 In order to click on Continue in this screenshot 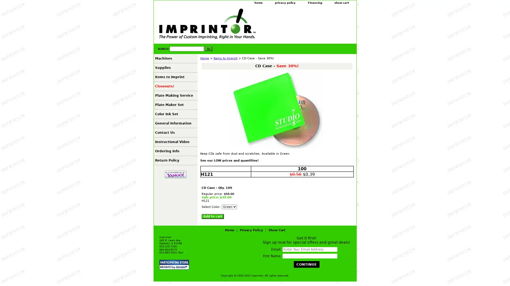, I will do `click(306, 264)`.